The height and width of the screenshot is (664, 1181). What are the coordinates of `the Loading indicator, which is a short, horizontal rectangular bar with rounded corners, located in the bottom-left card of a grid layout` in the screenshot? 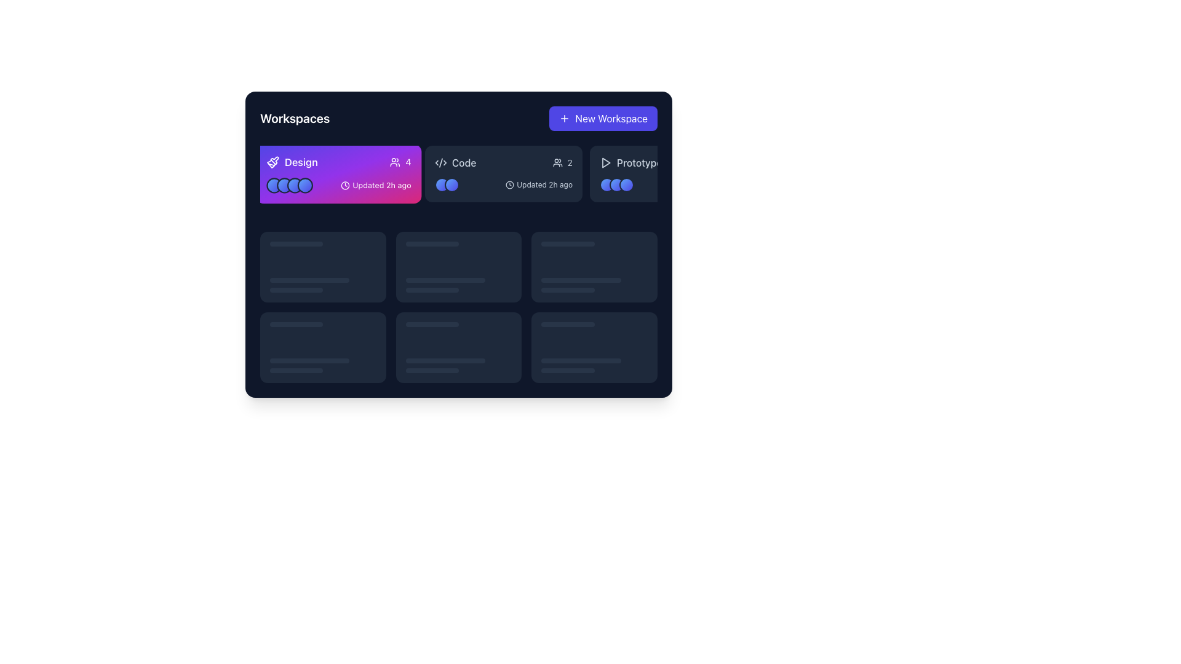 It's located at (309, 360).